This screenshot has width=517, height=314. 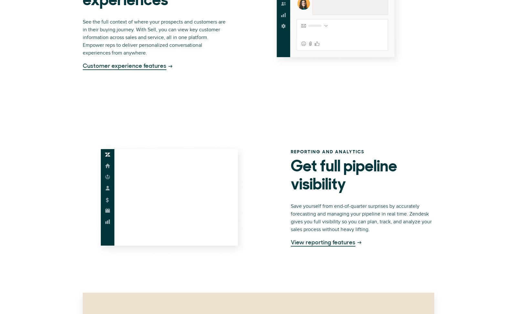 What do you see at coordinates (328, 98) in the screenshot?
I see `'Sitemap'` at bounding box center [328, 98].